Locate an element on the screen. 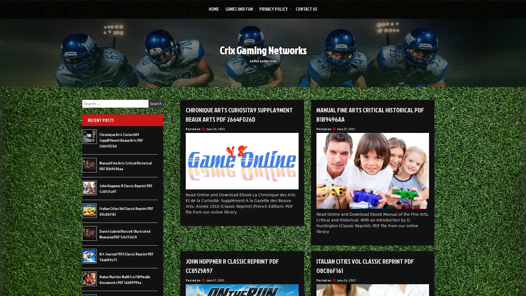 This screenshot has width=526, height=296. Search is located at coordinates (156, 104).